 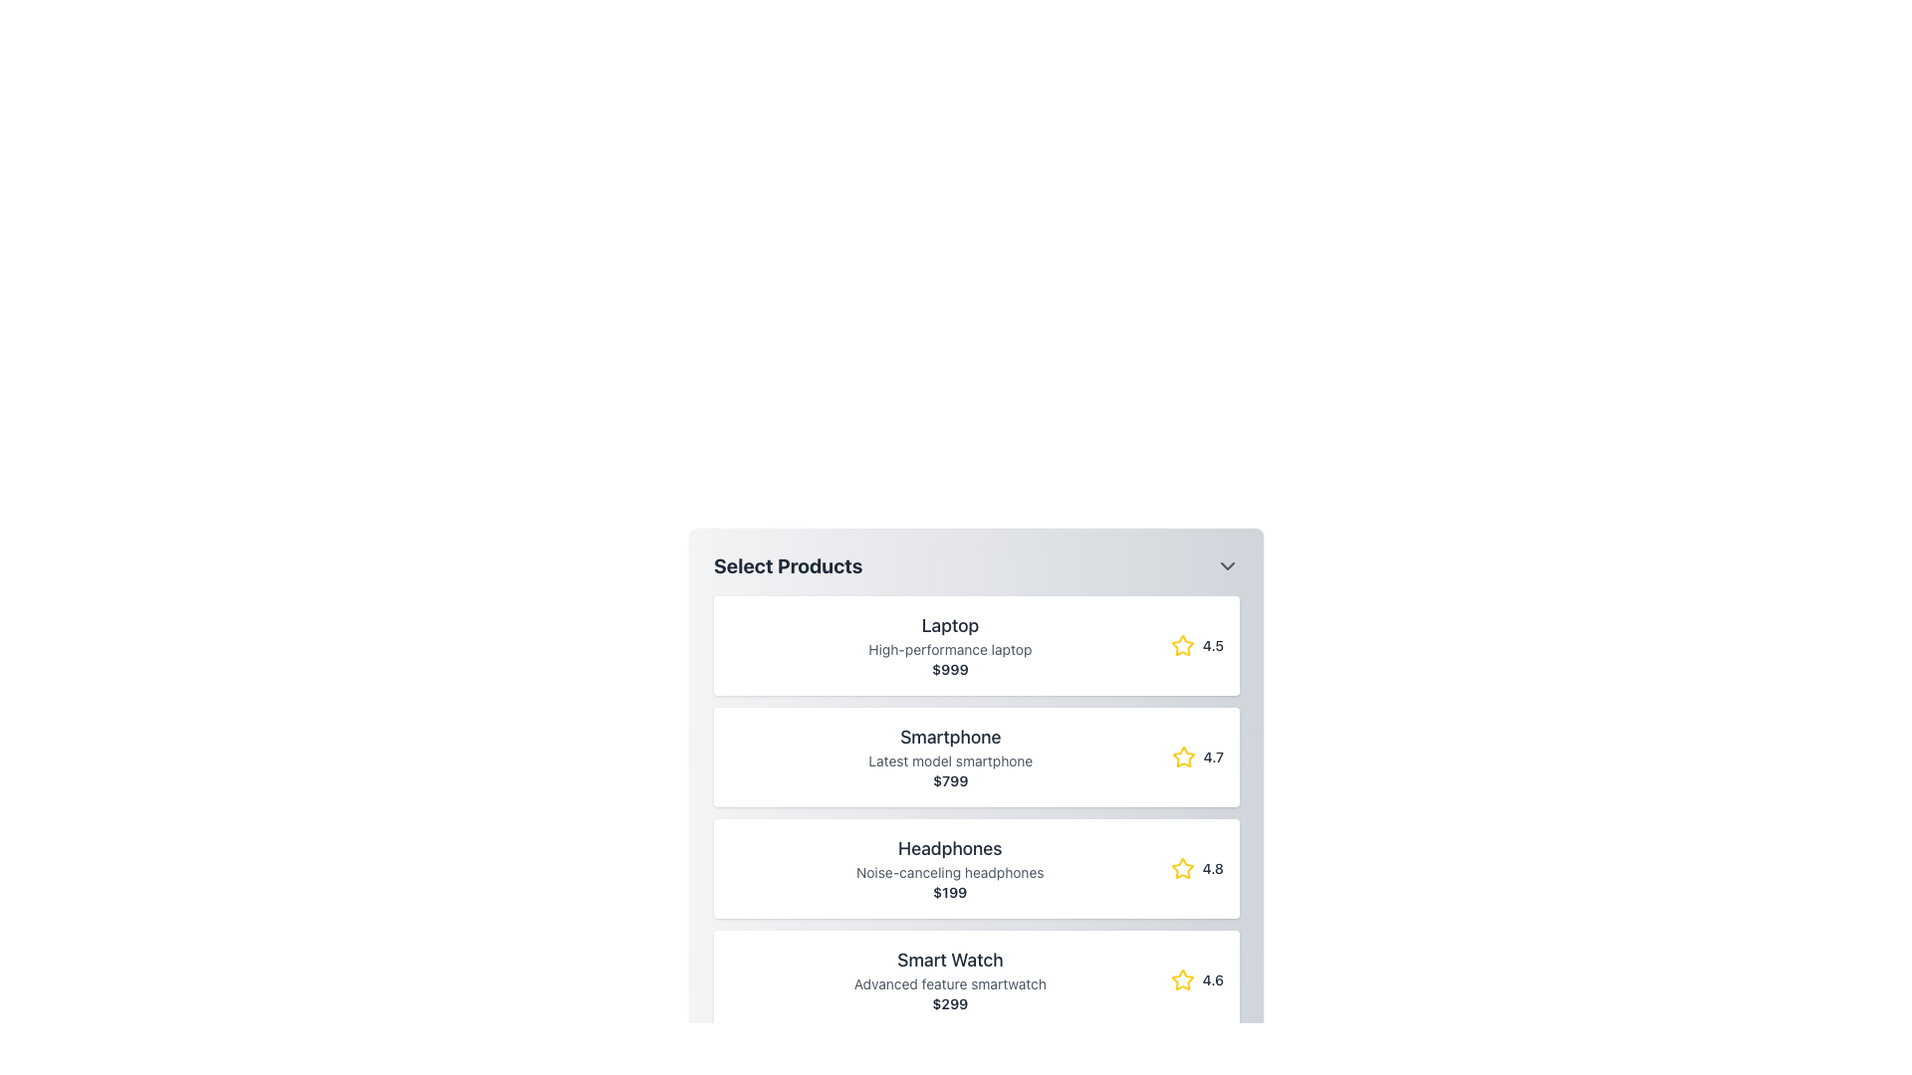 I want to click on the star-shaped rating icon with yellow outlines located next to the text '4.5' in the 'Select Products' list item, so click(x=1182, y=645).